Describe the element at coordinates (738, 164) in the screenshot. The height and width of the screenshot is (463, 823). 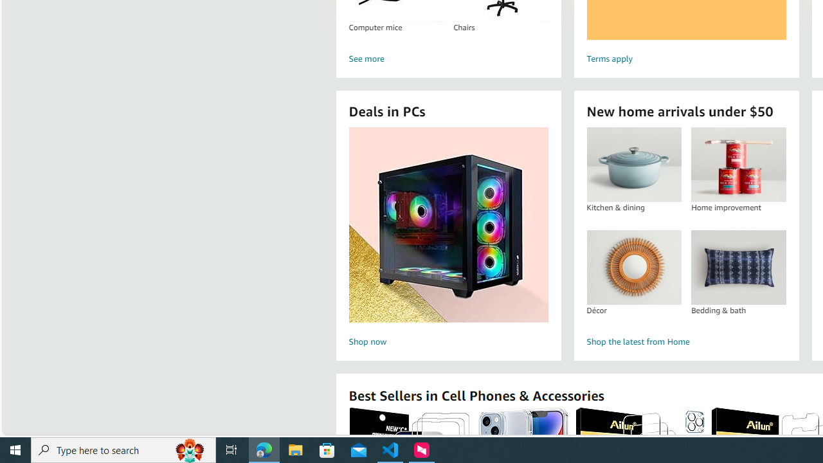
I see `'Home improvement'` at that location.